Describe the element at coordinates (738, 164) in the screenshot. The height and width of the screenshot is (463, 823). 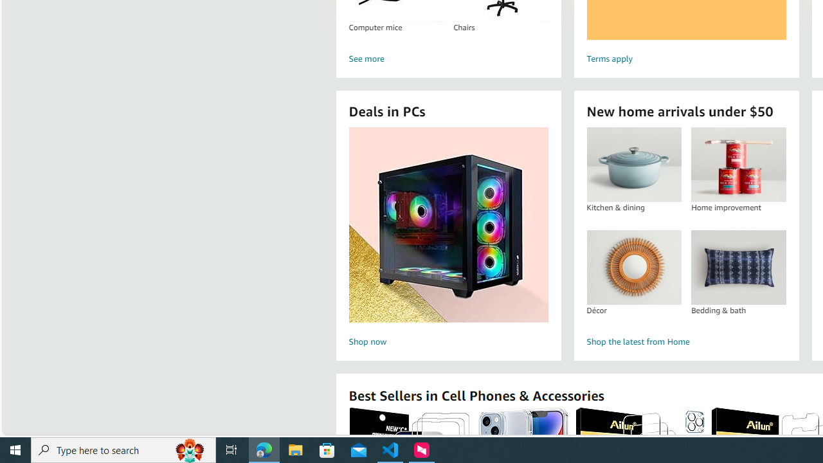
I see `'Home improvement'` at that location.